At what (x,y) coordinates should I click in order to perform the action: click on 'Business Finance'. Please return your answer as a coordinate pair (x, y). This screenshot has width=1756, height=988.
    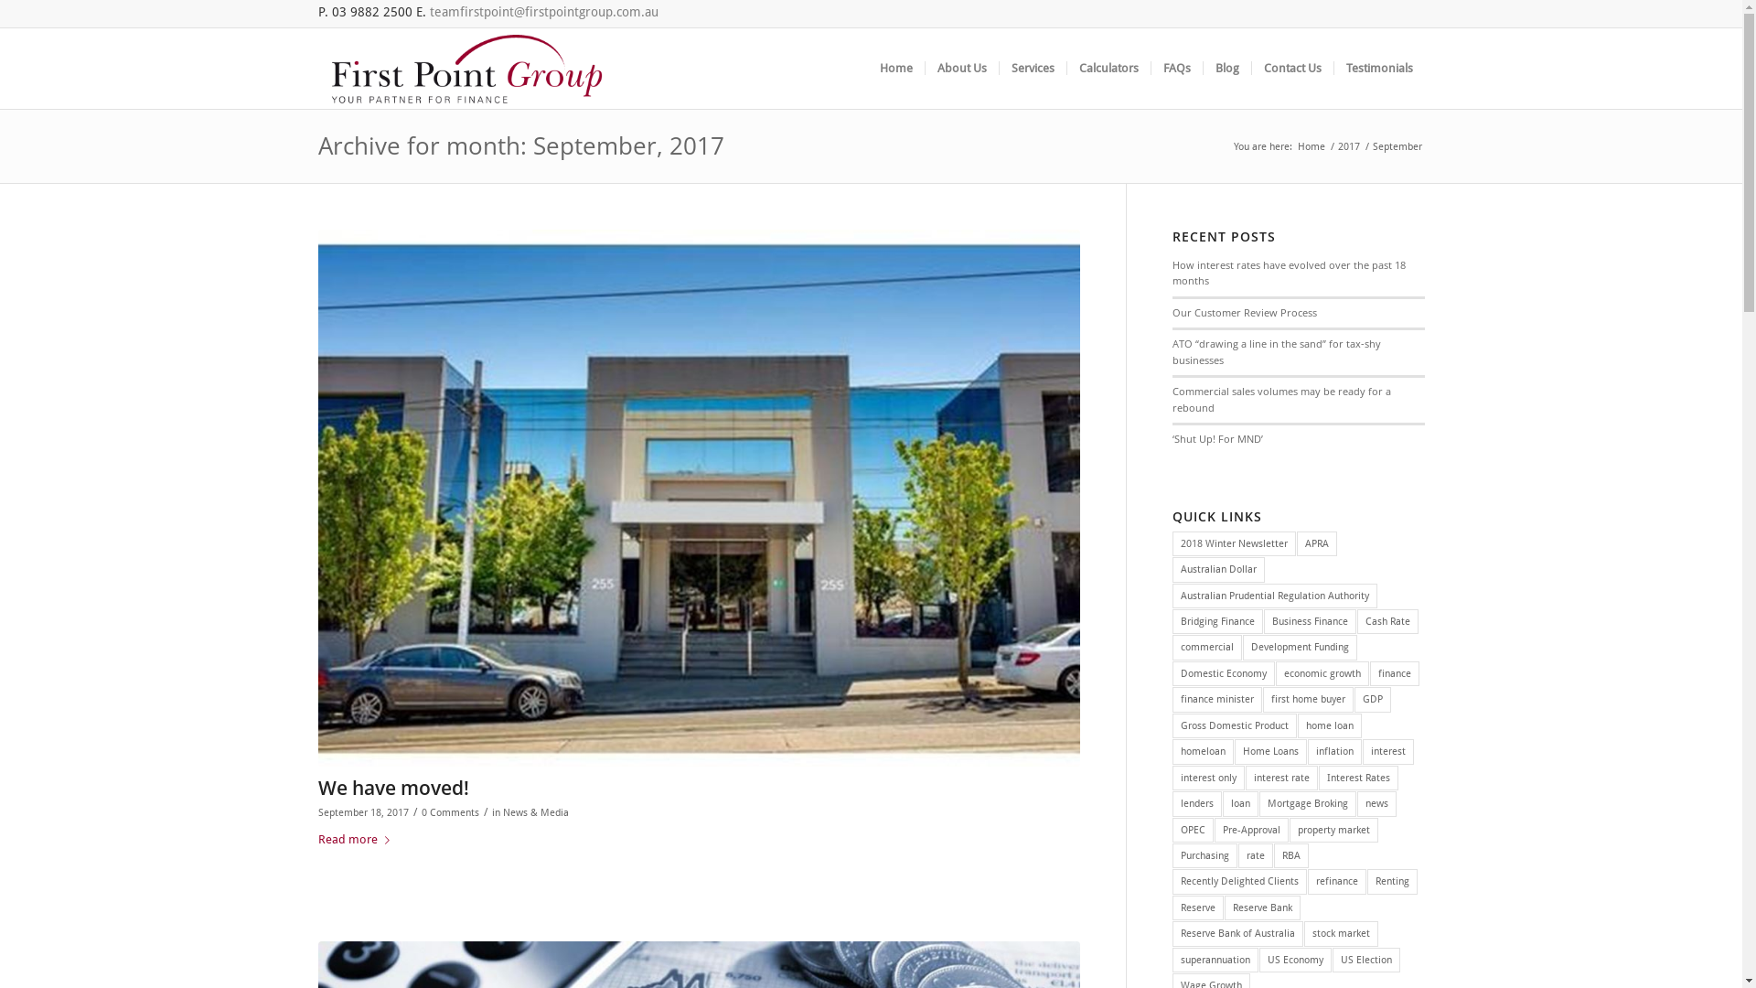
    Looking at the image, I should click on (1263, 620).